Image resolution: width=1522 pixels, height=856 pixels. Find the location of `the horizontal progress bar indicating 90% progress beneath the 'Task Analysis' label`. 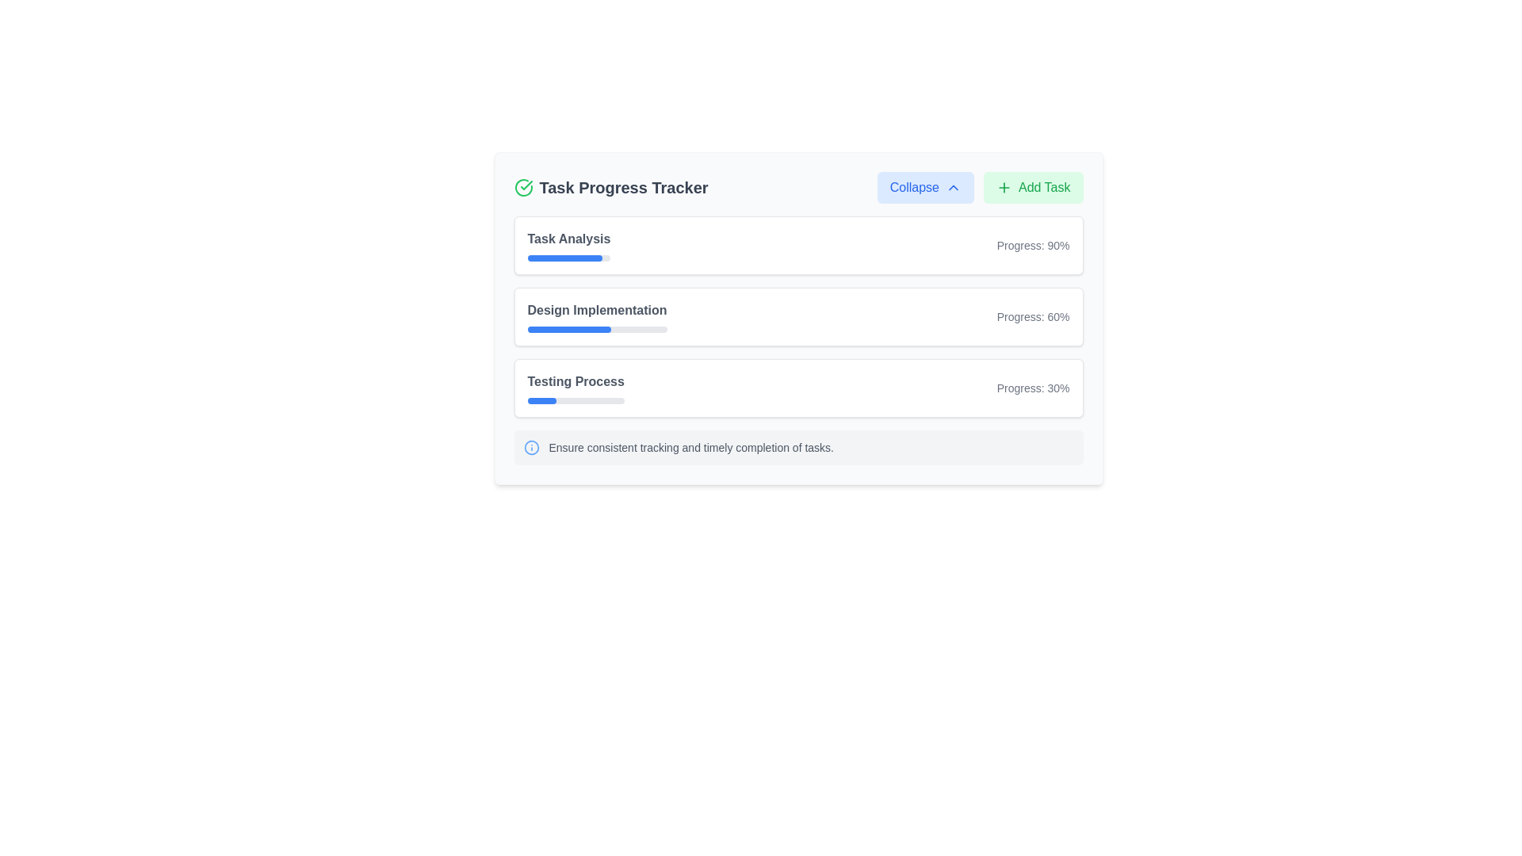

the horizontal progress bar indicating 90% progress beneath the 'Task Analysis' label is located at coordinates (568, 258).